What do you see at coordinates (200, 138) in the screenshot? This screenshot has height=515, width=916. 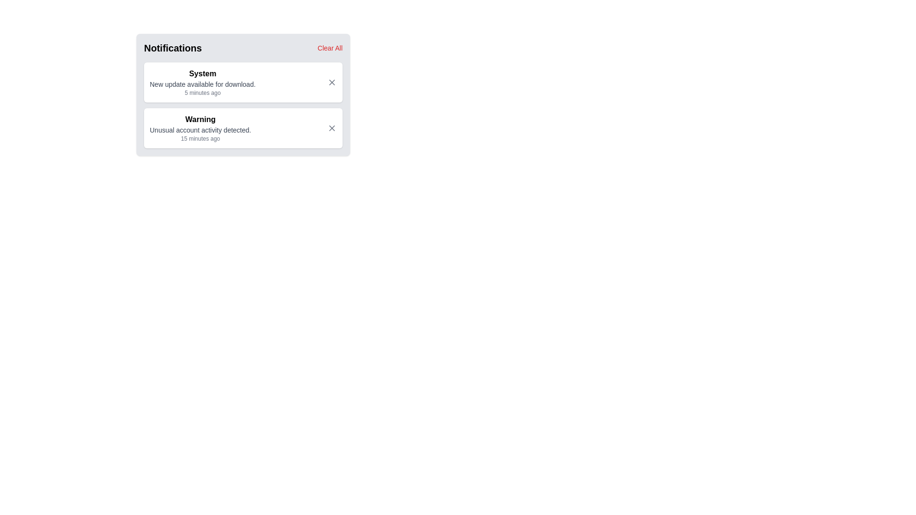 I see `the static text display element showing the timestamp '15 minutes ago', which is located within the second notification card, below the title 'Warning' and the message 'Unusual account activity detected.'` at bounding box center [200, 138].